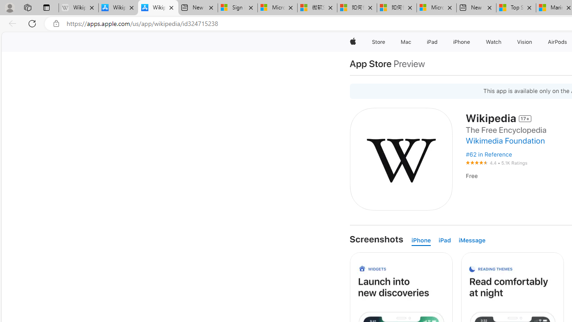  Describe the element at coordinates (370, 63) in the screenshot. I see `'App Store'` at that location.